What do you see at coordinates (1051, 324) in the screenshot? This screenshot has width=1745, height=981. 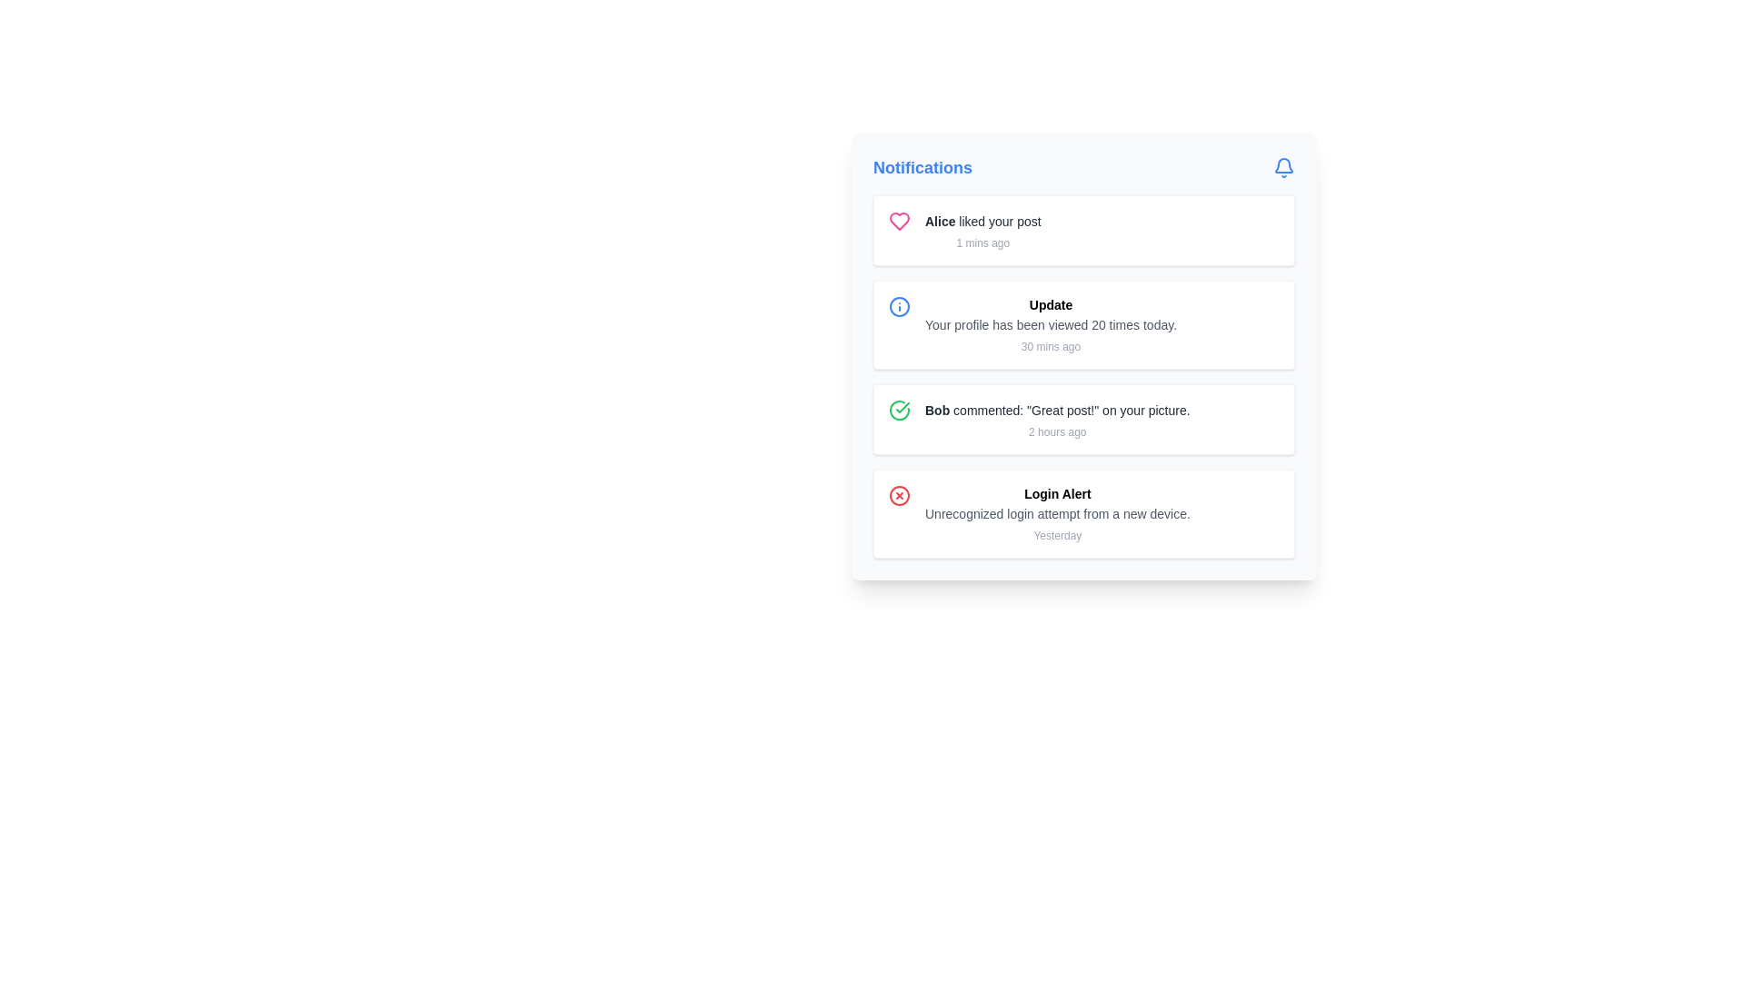 I see `the static text notification message that says 'Your profile has been viewed 20 times today.' It is located within the second notification card, below the title 'Update' and above the timestamp '30 mins ago'` at bounding box center [1051, 324].